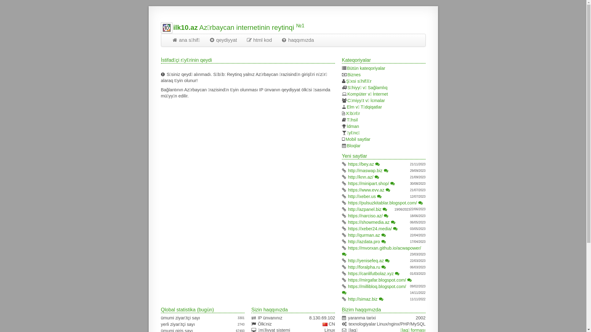  What do you see at coordinates (377, 287) in the screenshot?
I see `'https://millibloq.blogspot.com/'` at bounding box center [377, 287].